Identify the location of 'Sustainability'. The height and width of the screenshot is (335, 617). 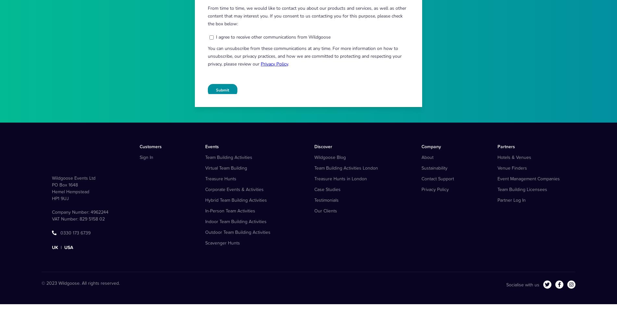
(434, 199).